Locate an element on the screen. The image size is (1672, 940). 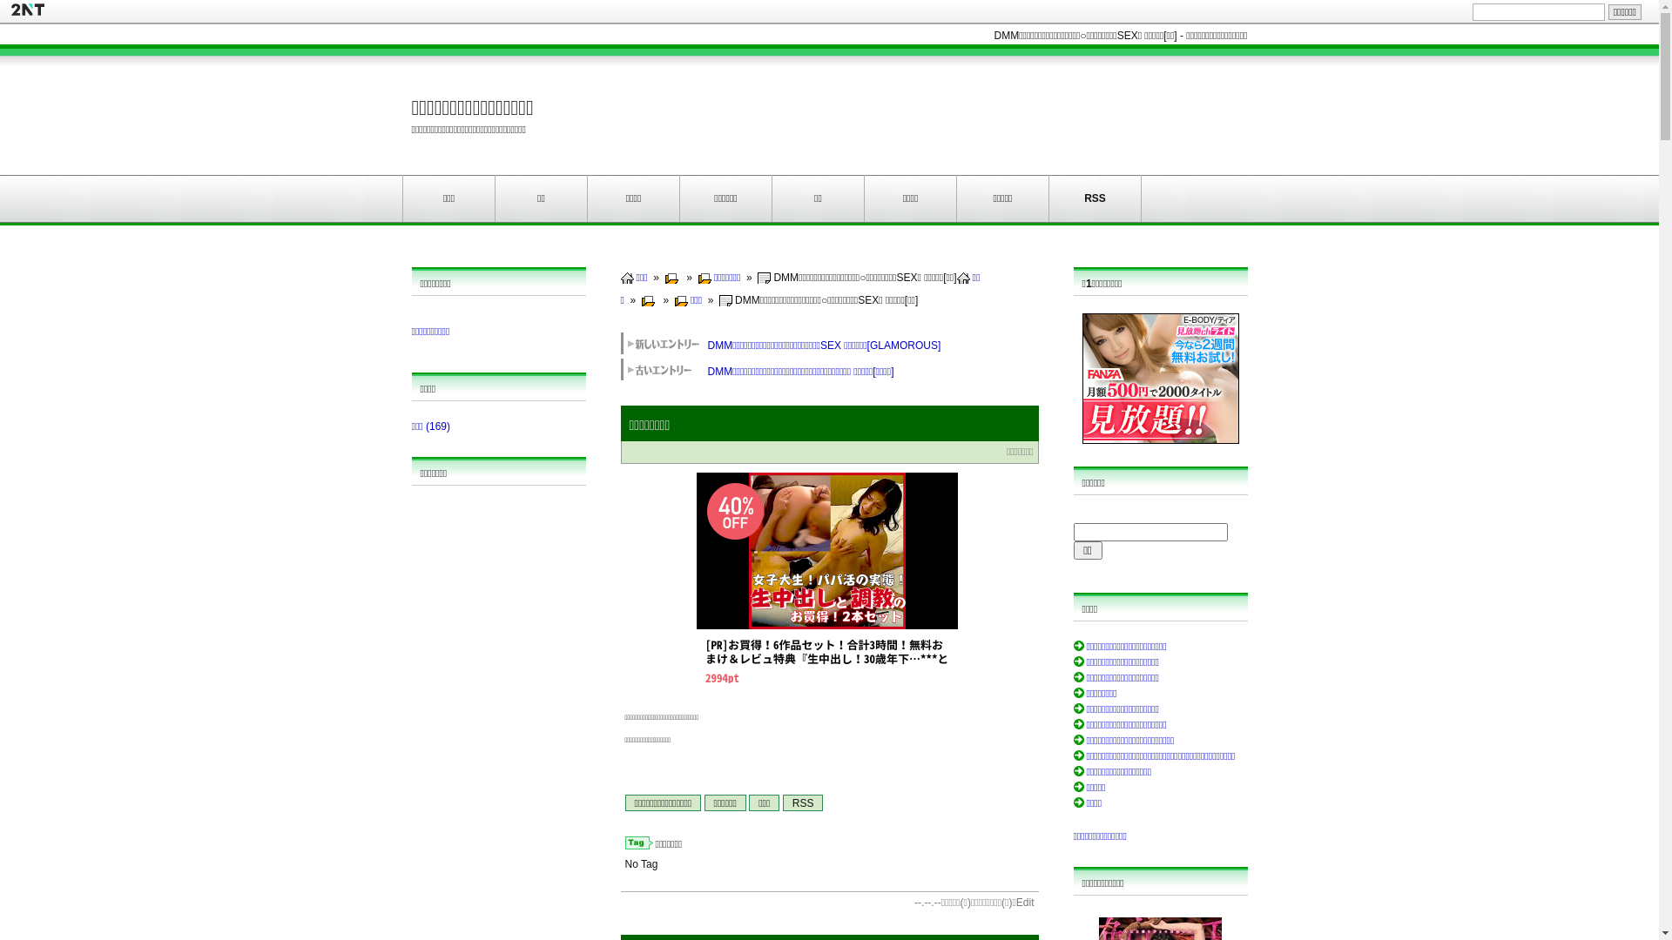
'RSS' is located at coordinates (1094, 197).